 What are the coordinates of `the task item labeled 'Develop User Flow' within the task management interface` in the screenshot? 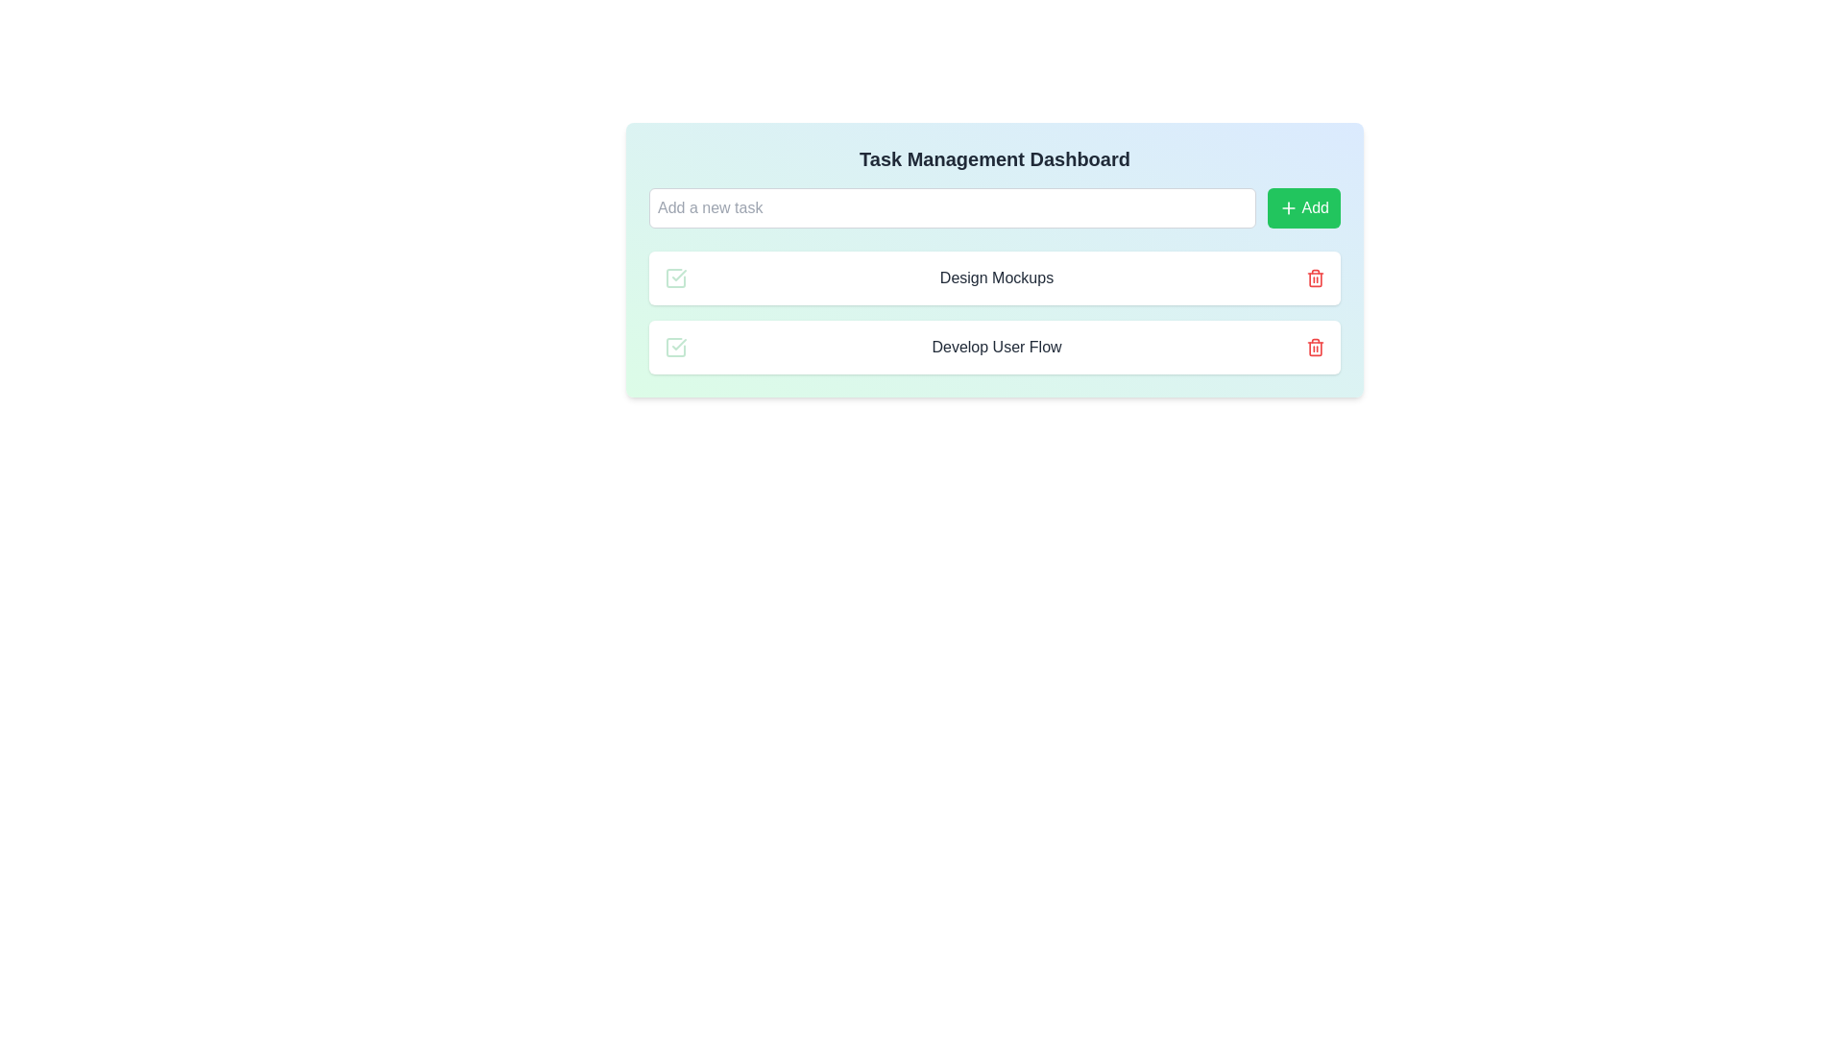 It's located at (995, 348).